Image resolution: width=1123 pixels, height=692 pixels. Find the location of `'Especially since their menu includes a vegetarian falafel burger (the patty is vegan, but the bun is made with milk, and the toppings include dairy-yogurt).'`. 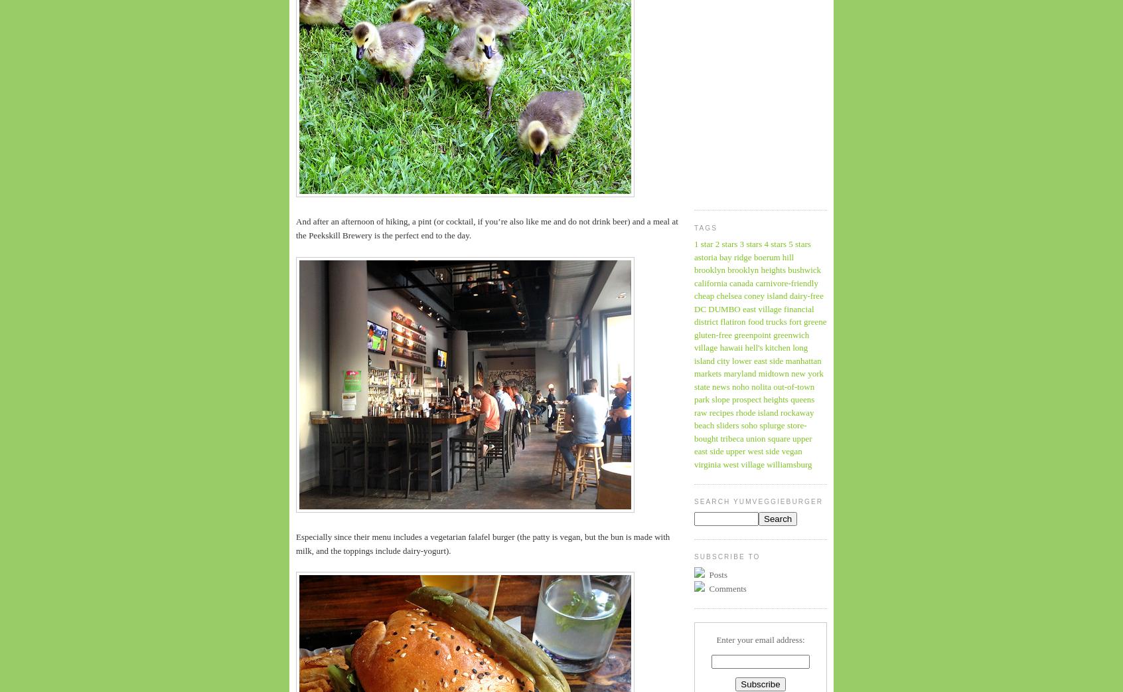

'Especially since their menu includes a vegetarian falafel burger (the patty is vegan, but the bun is made with milk, and the toppings include dairy-yogurt).' is located at coordinates (482, 543).